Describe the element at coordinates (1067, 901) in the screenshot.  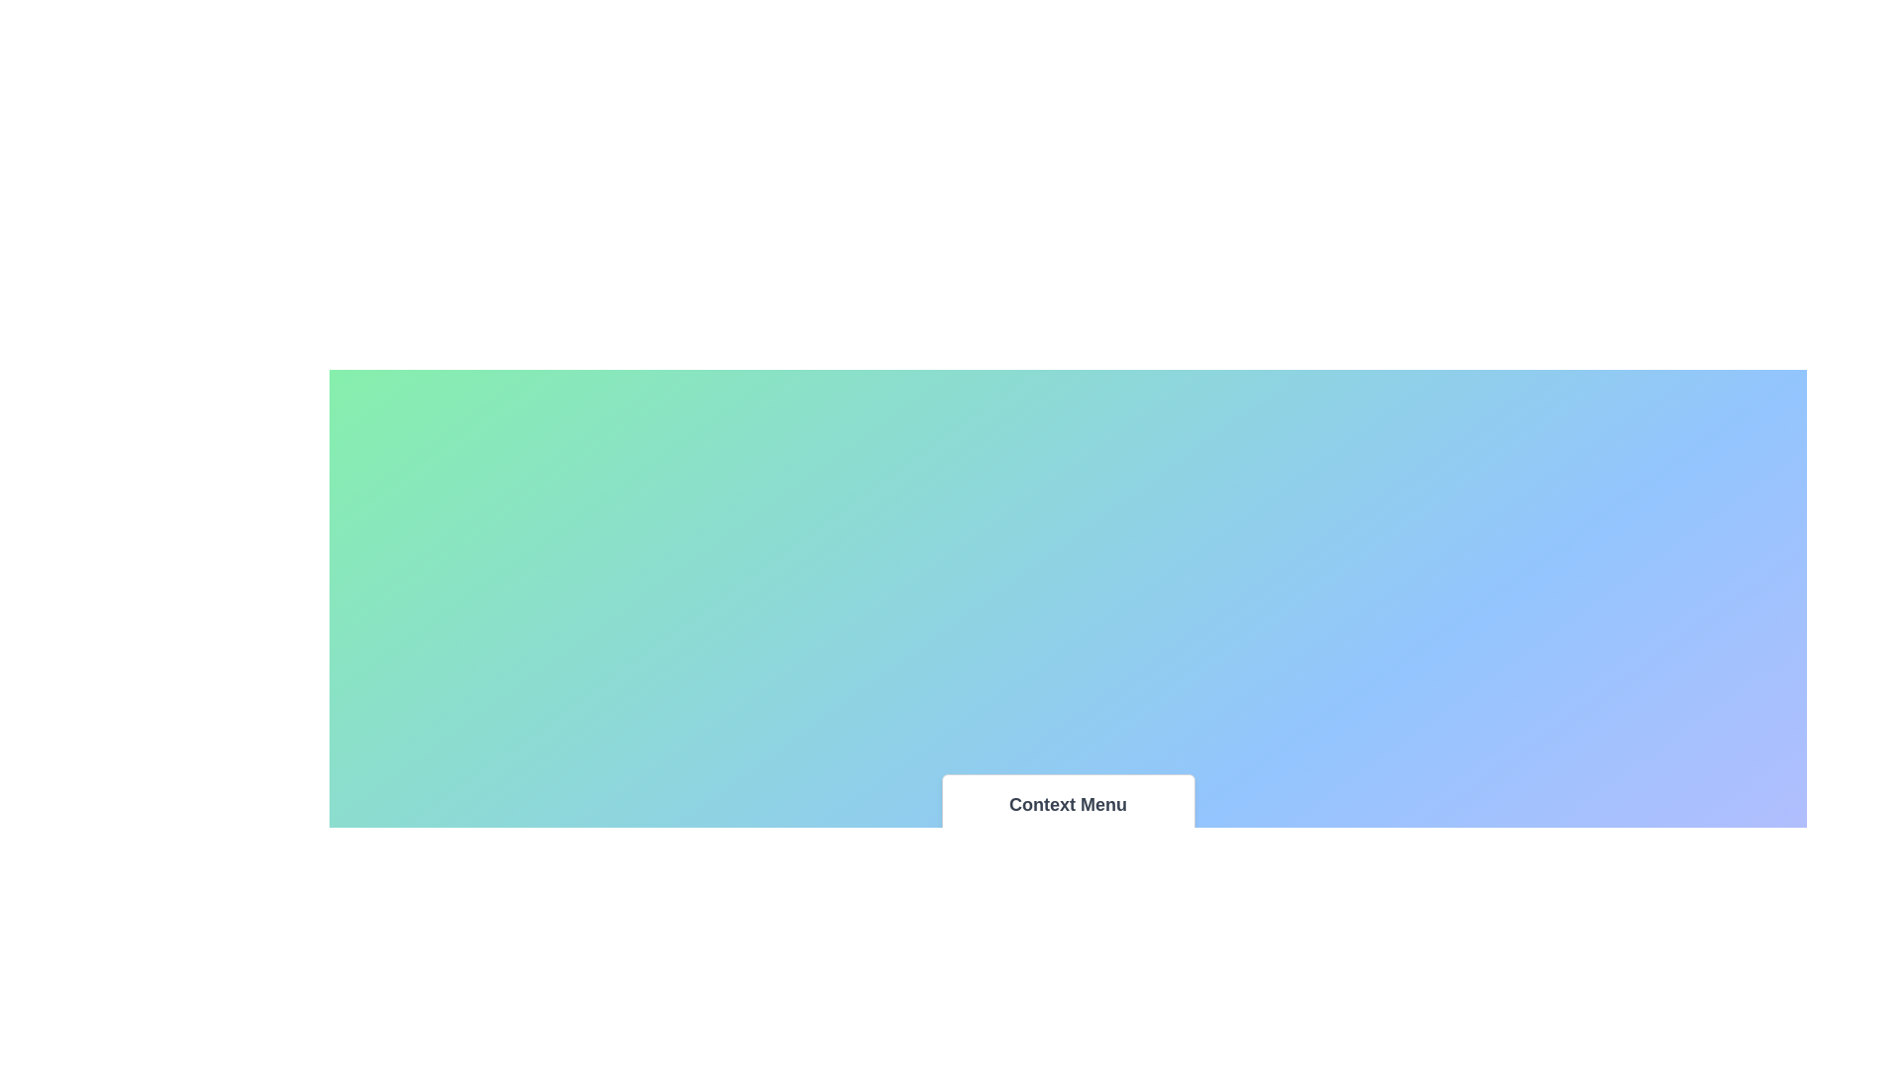
I see `the menu item Media to highlight it` at that location.